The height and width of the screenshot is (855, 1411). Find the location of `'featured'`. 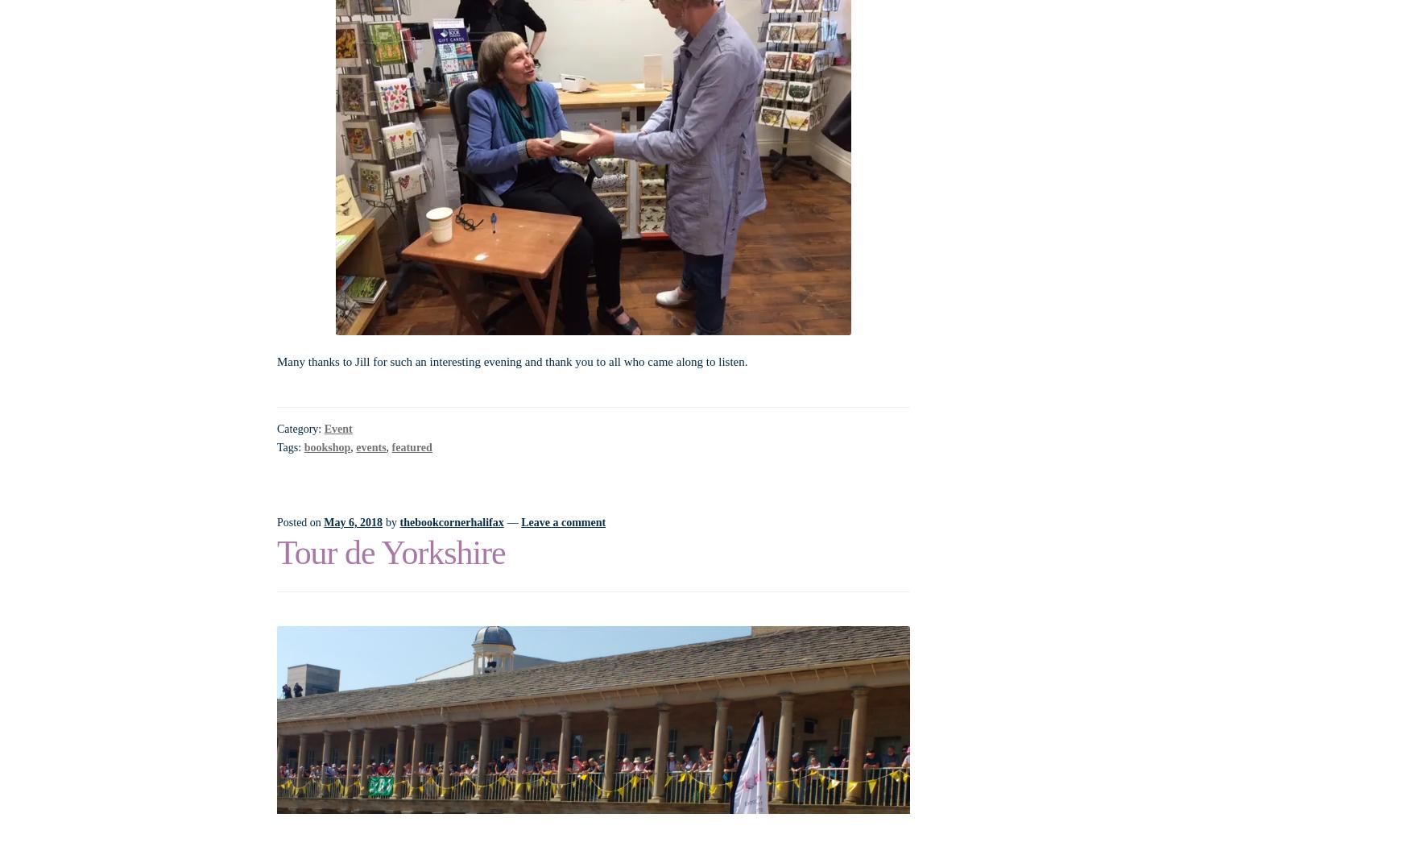

'featured' is located at coordinates (391, 446).